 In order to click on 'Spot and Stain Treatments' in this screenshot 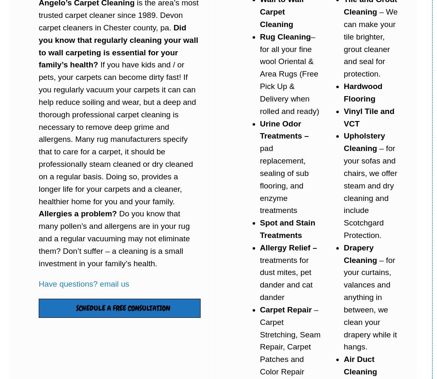, I will do `click(287, 228)`.